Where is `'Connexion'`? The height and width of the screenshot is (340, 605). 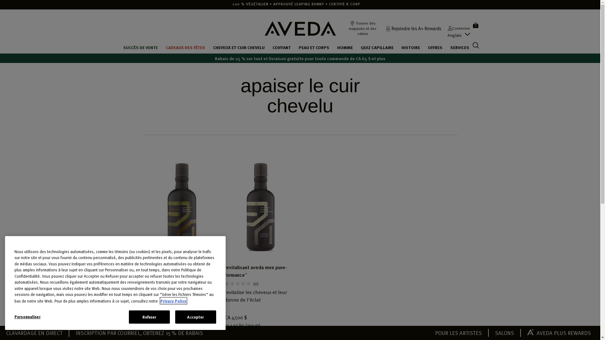 'Connexion' is located at coordinates (447, 28).